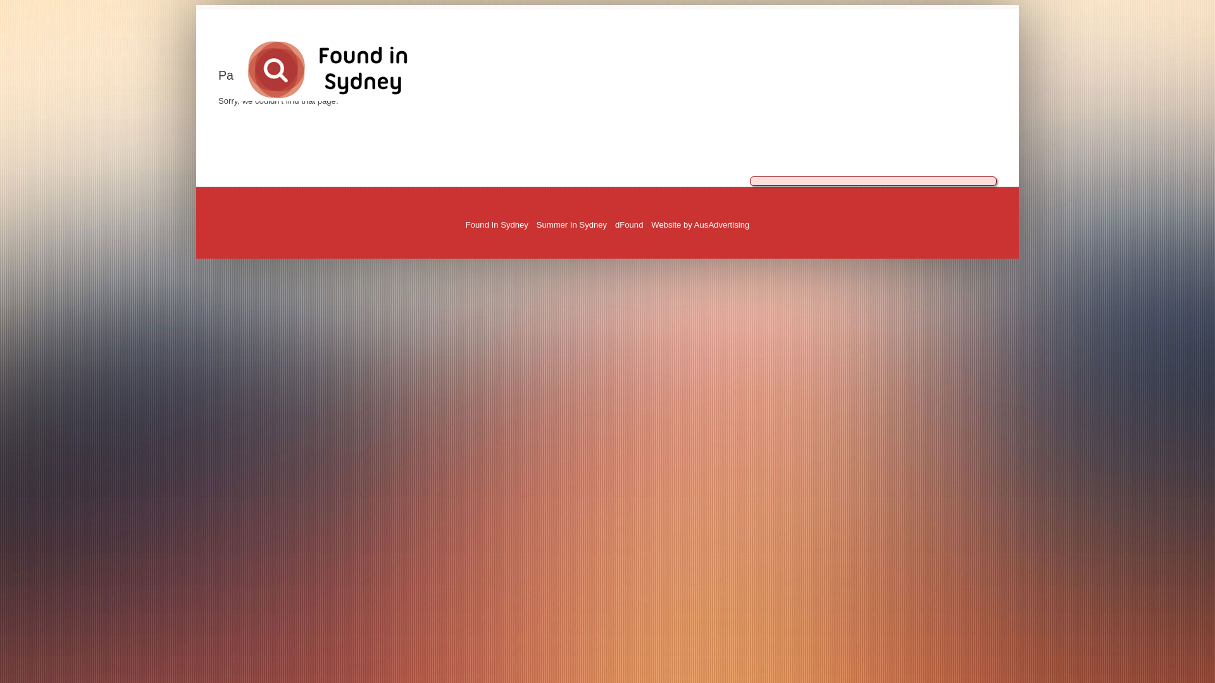 This screenshot has width=1215, height=683. Describe the element at coordinates (496, 224) in the screenshot. I see `'Found In Sydney'` at that location.